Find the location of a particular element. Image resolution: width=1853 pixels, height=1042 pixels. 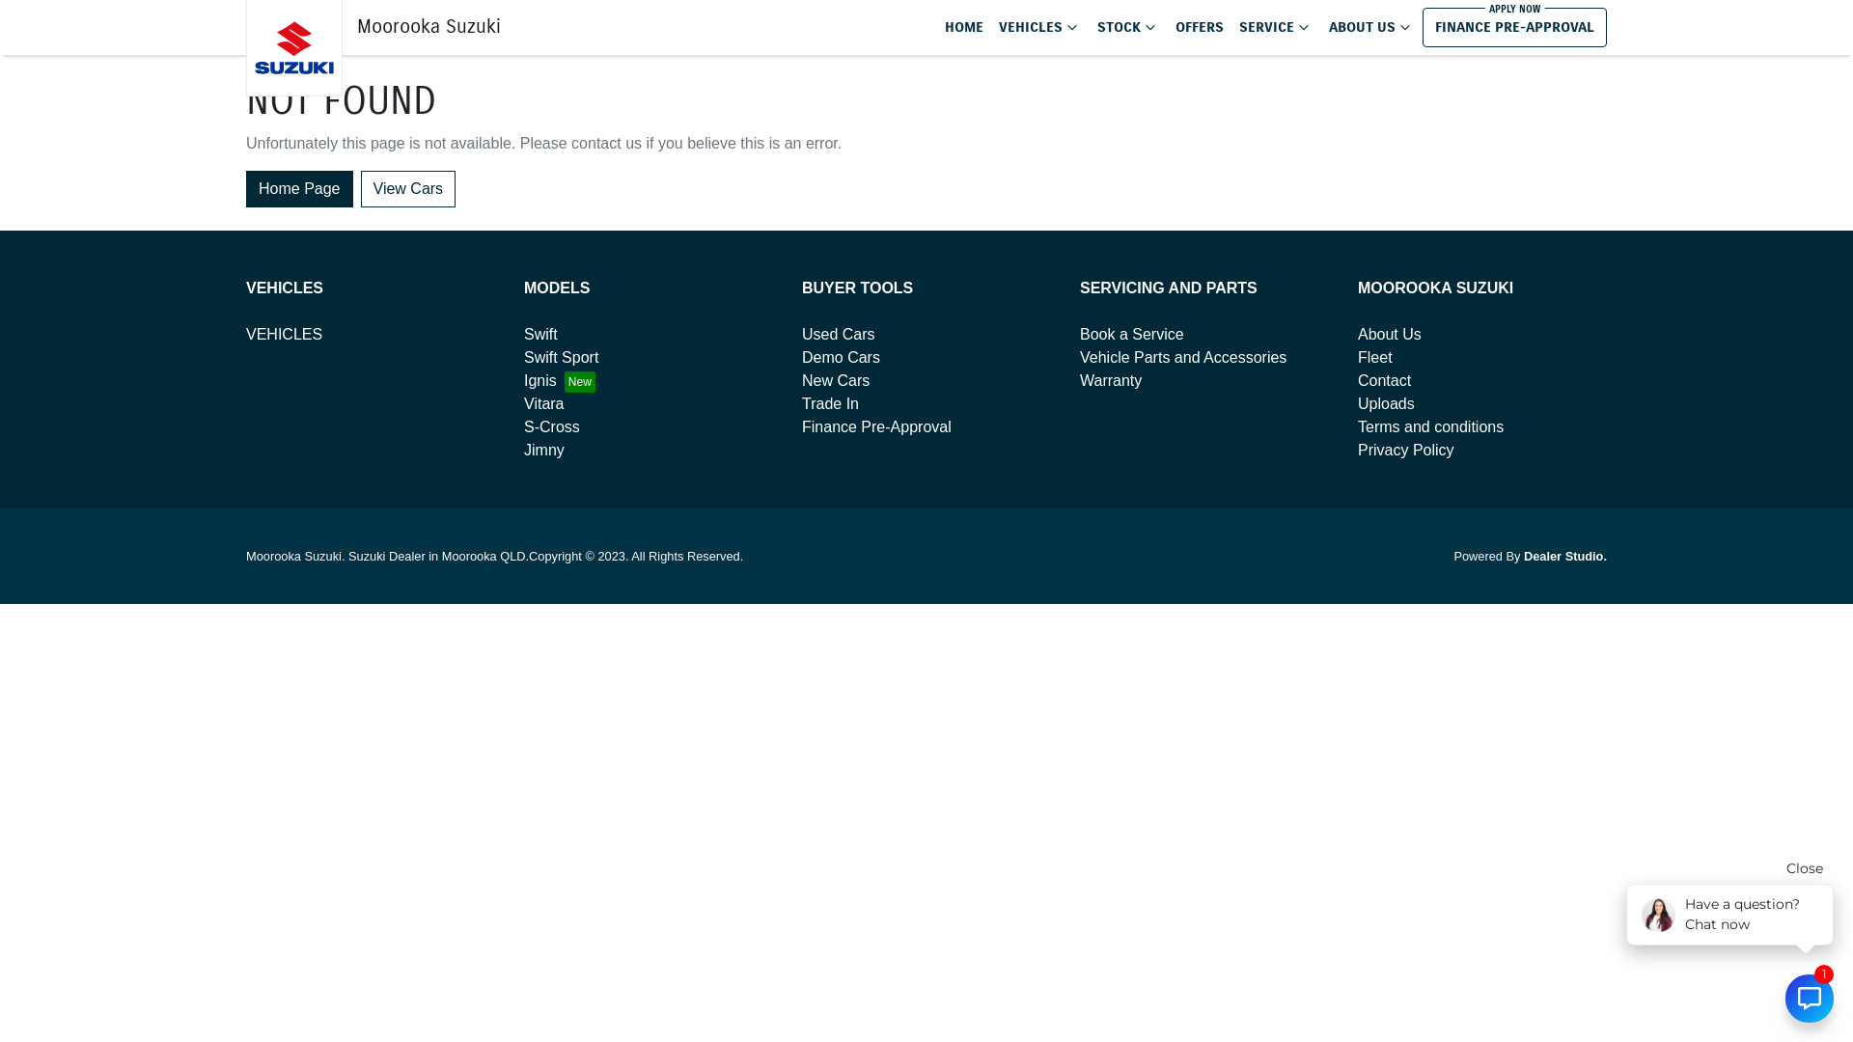

'HOME' is located at coordinates (963, 27).